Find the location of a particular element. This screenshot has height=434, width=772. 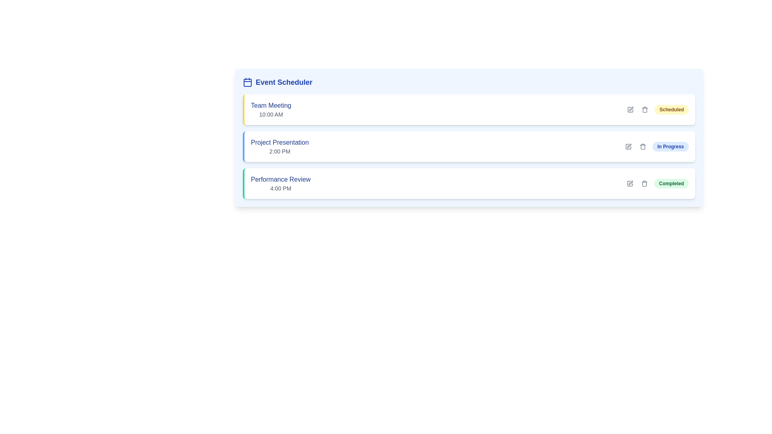

the Status indicator label that signifies the event status, specifically indicating 'Scheduled' for the 'Team Meeting' item is located at coordinates (671, 110).